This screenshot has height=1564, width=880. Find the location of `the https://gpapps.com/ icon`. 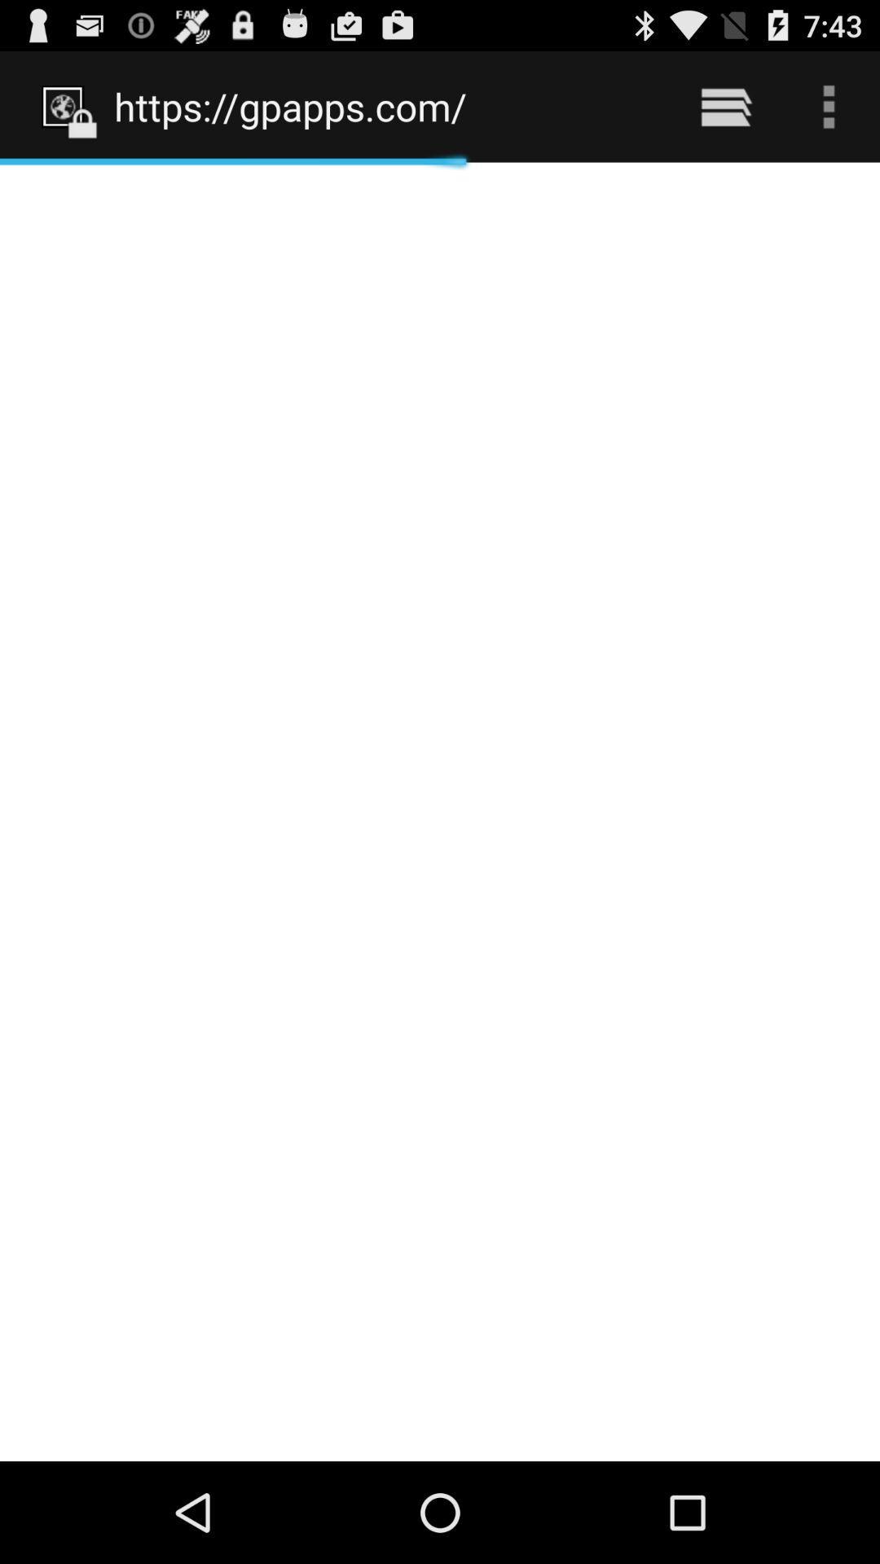

the https://gpapps.com/ icon is located at coordinates (385, 106).